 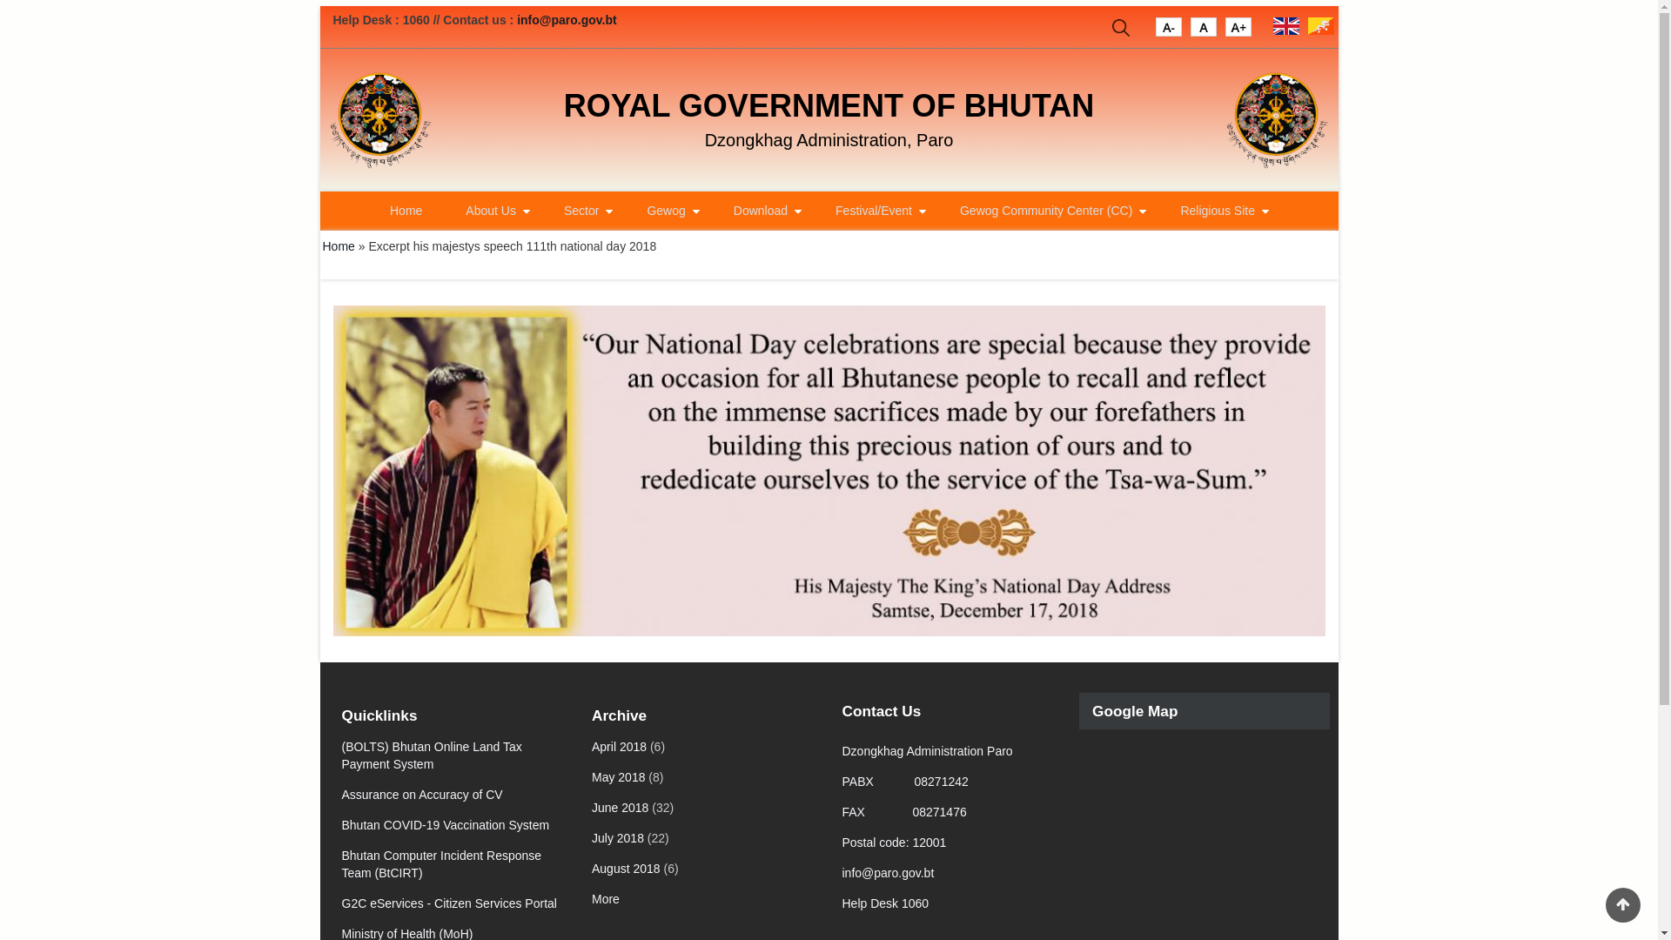 I want to click on 'Gewog', so click(x=667, y=210).